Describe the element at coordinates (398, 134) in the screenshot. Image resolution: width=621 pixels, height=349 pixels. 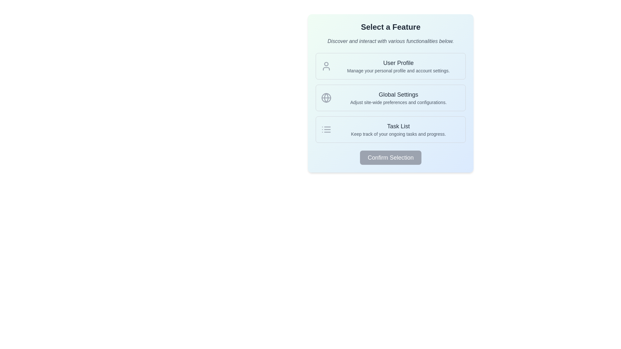
I see `static text element displaying the sentence 'Keep track of your ongoing tasks and progress.' which is styled in gray font and positioned below the 'Task List' label` at that location.